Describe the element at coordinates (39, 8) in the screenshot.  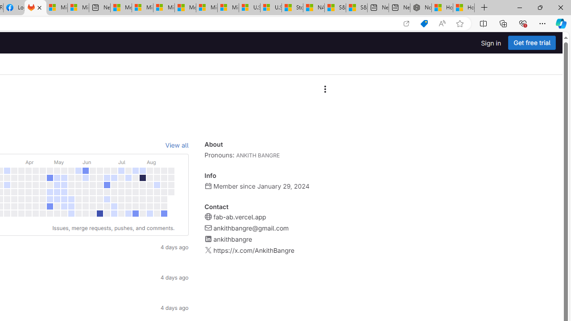
I see `'Close tab'` at that location.